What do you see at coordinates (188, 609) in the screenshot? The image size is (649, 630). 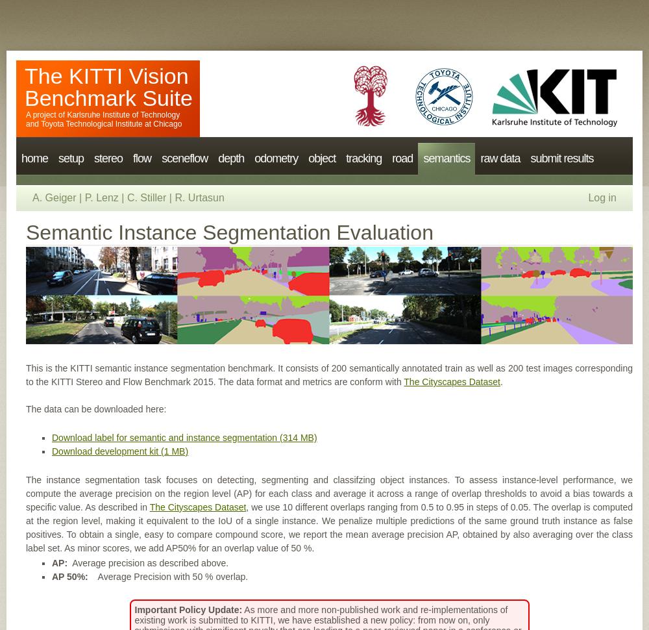 I see `'Important Policy Update:'` at bounding box center [188, 609].